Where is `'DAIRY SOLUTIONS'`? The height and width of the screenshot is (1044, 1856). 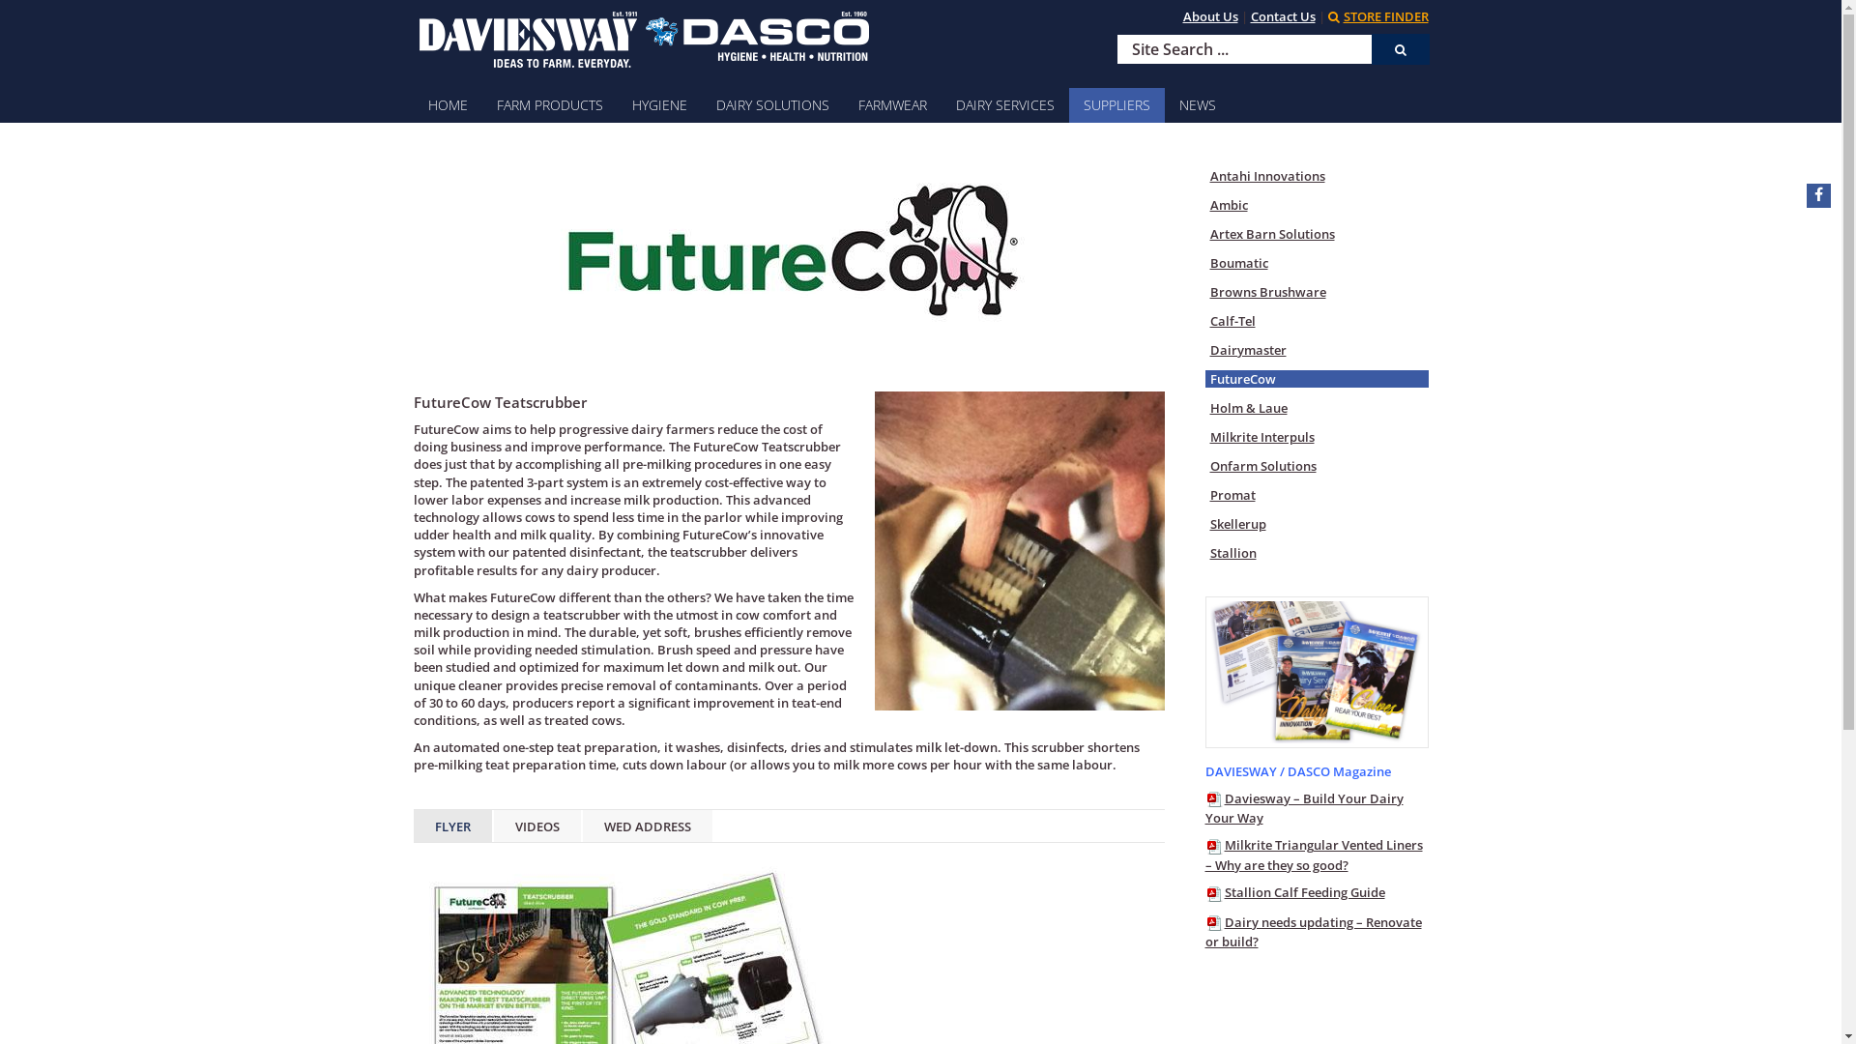
'DAIRY SOLUTIONS' is located at coordinates (771, 104).